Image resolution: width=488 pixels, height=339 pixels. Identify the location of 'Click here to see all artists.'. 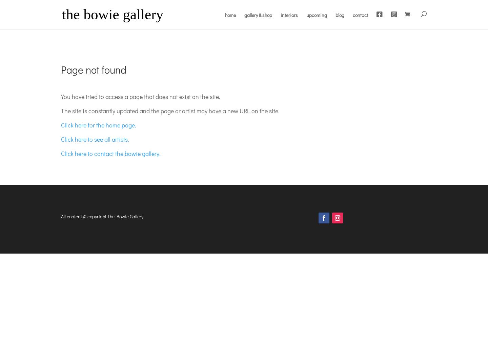
(61, 139).